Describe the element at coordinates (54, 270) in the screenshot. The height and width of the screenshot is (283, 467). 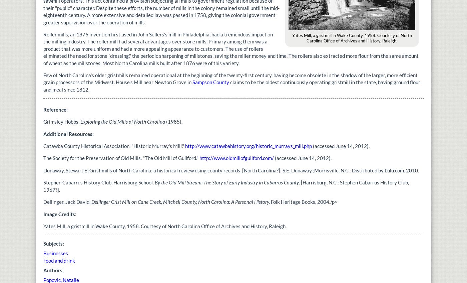
I see `'Authors:'` at that location.